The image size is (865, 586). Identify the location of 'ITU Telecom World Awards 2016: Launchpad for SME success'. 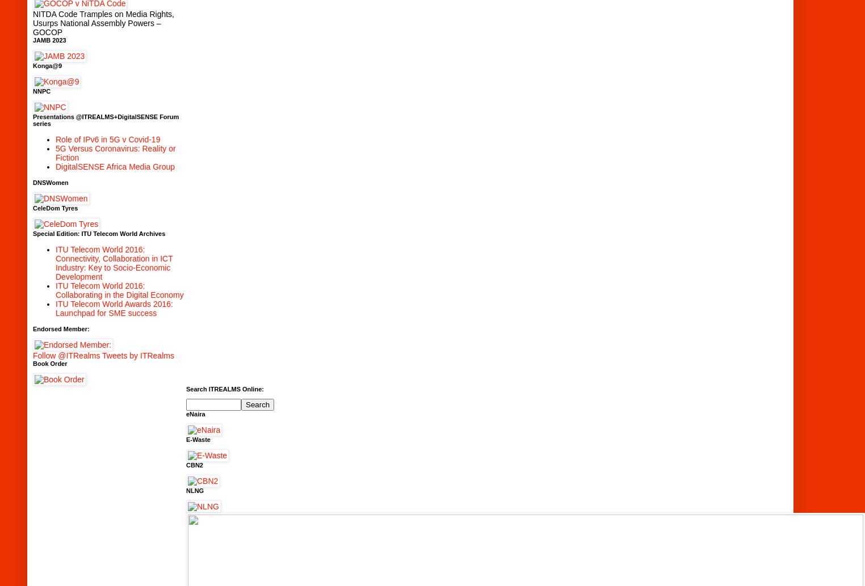
(114, 307).